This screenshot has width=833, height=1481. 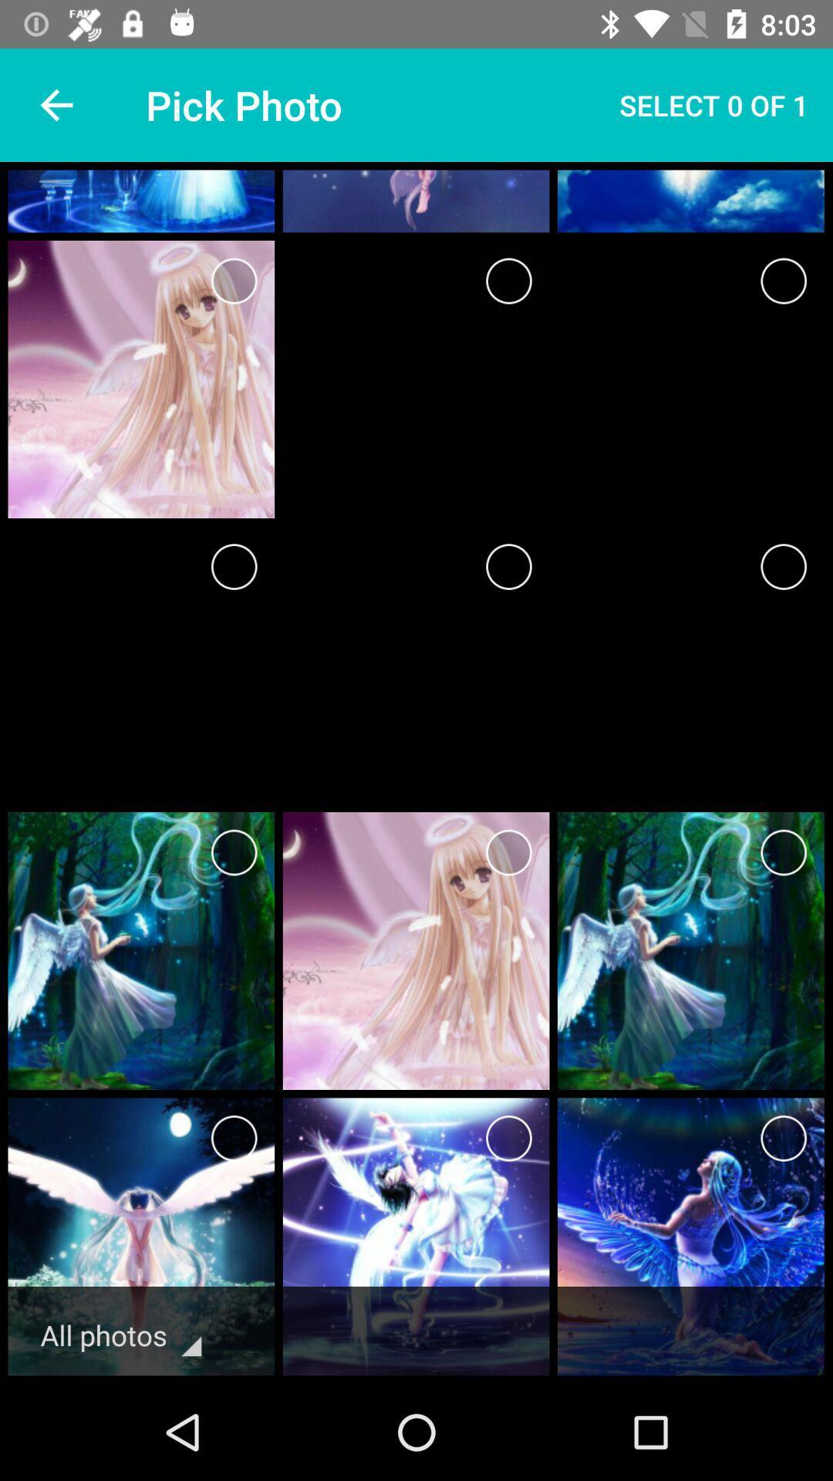 I want to click on photo, so click(x=784, y=565).